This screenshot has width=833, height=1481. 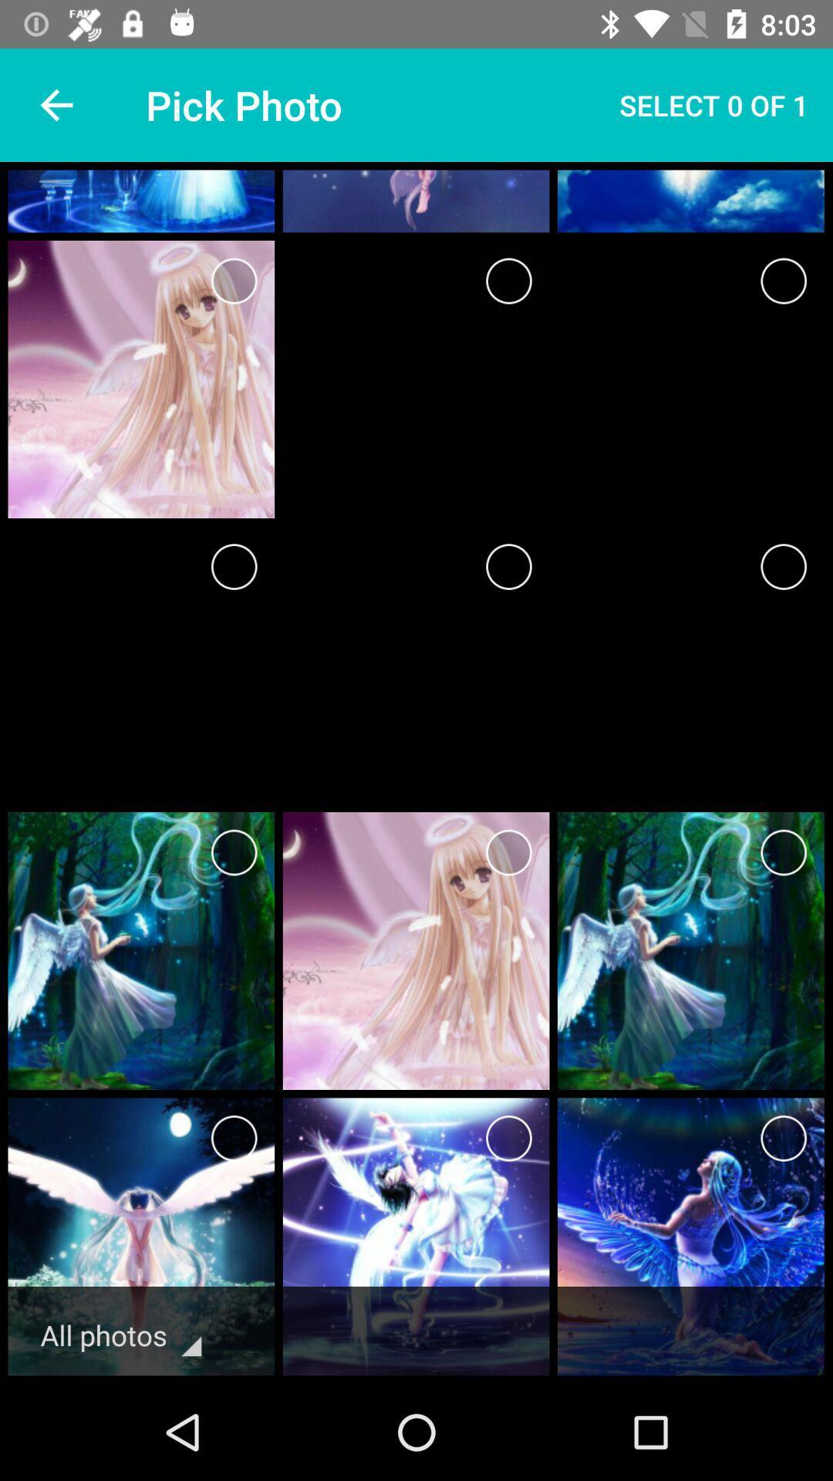 I want to click on photo, so click(x=784, y=565).